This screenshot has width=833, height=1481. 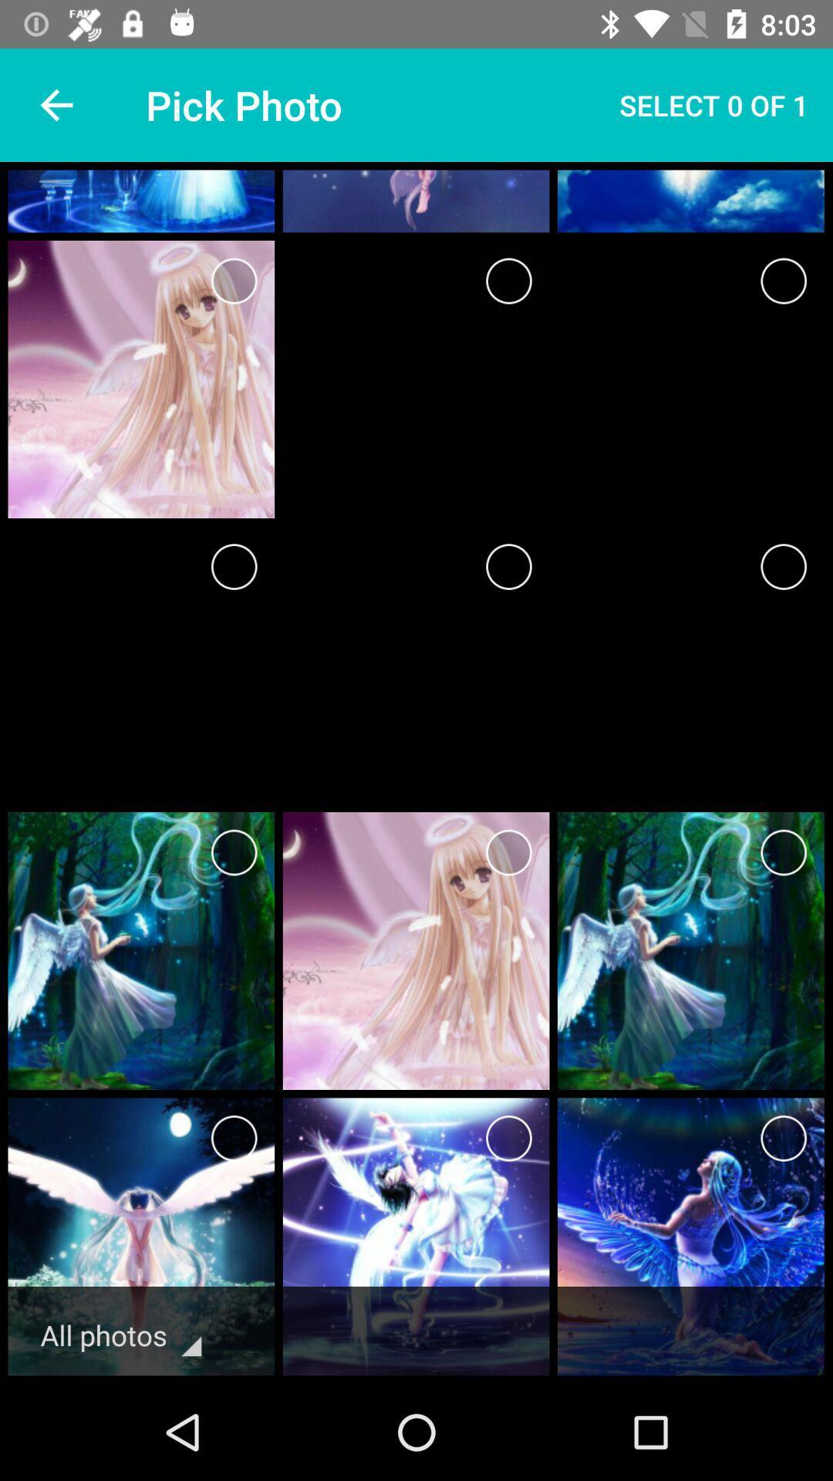 I want to click on photo, so click(x=784, y=565).